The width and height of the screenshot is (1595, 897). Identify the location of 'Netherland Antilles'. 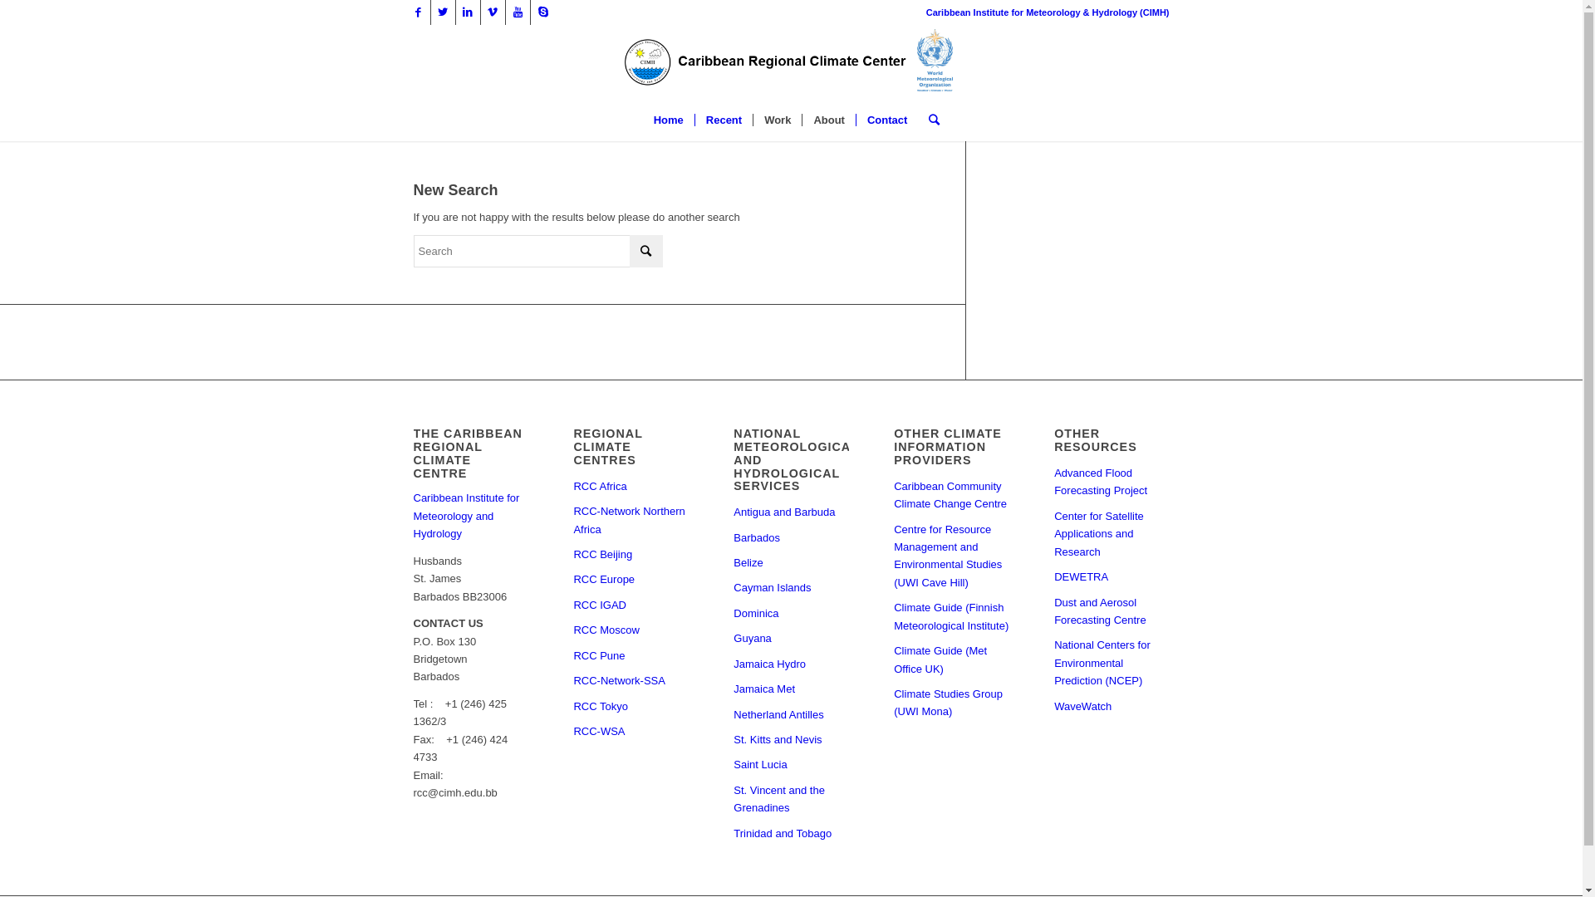
(789, 713).